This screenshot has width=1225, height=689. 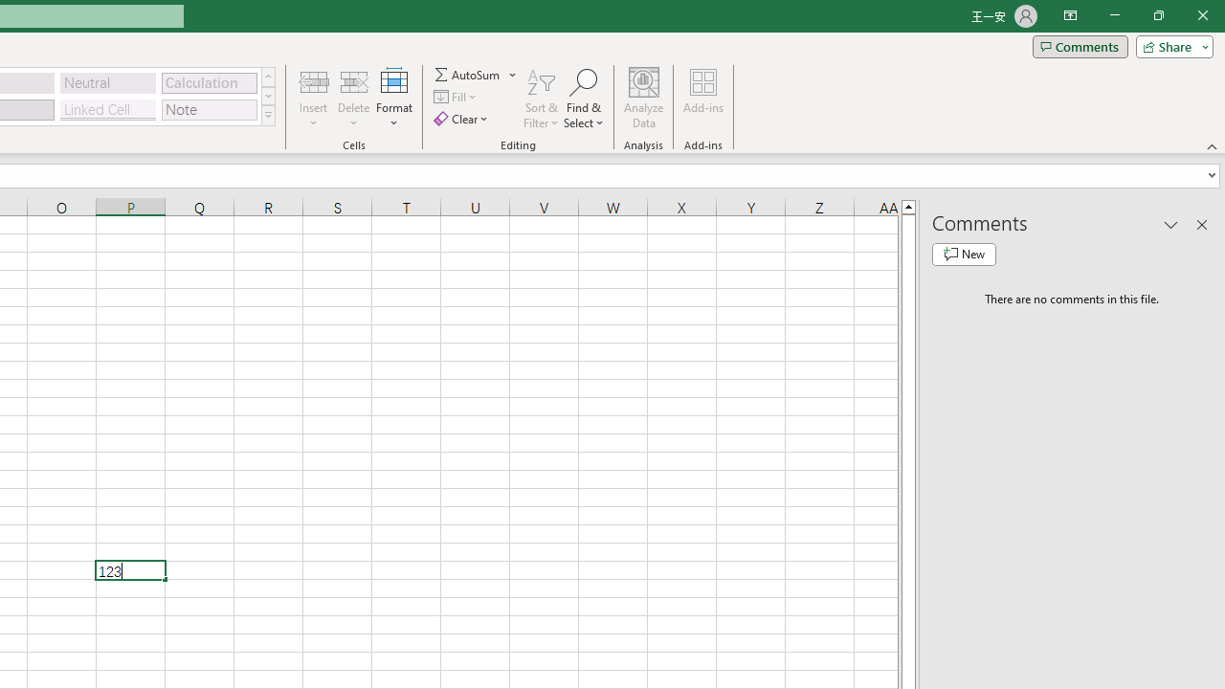 What do you see at coordinates (314, 99) in the screenshot?
I see `'Insert'` at bounding box center [314, 99].